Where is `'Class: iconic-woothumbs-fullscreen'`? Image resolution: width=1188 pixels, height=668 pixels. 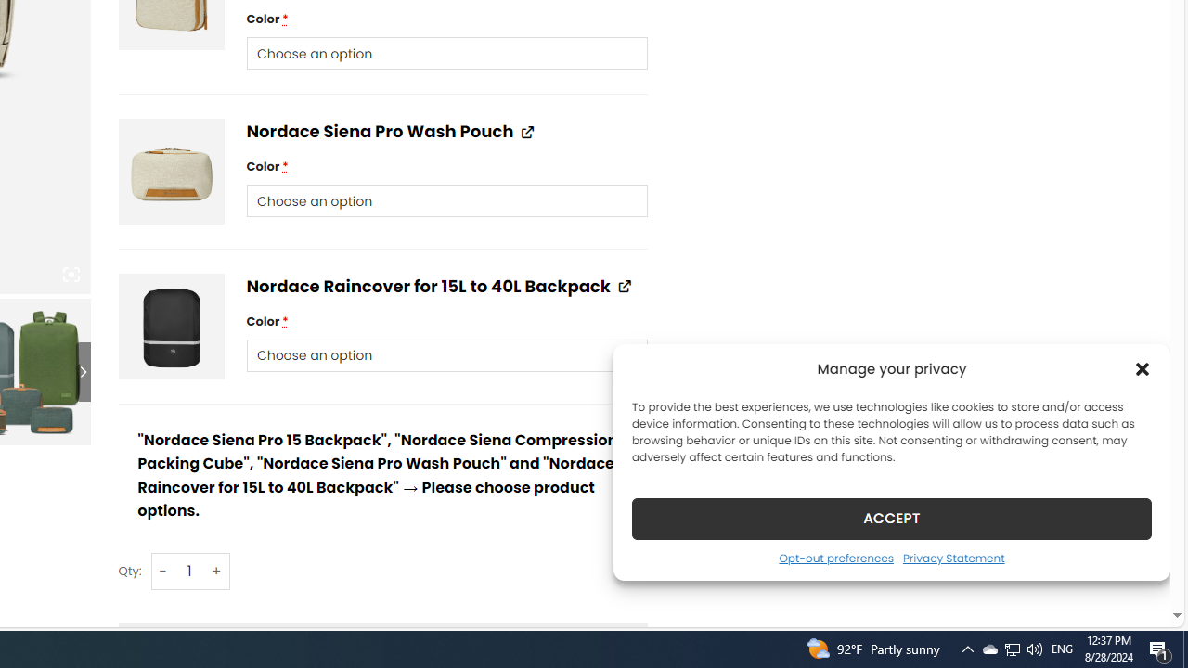 'Class: iconic-woothumbs-fullscreen' is located at coordinates (71, 275).